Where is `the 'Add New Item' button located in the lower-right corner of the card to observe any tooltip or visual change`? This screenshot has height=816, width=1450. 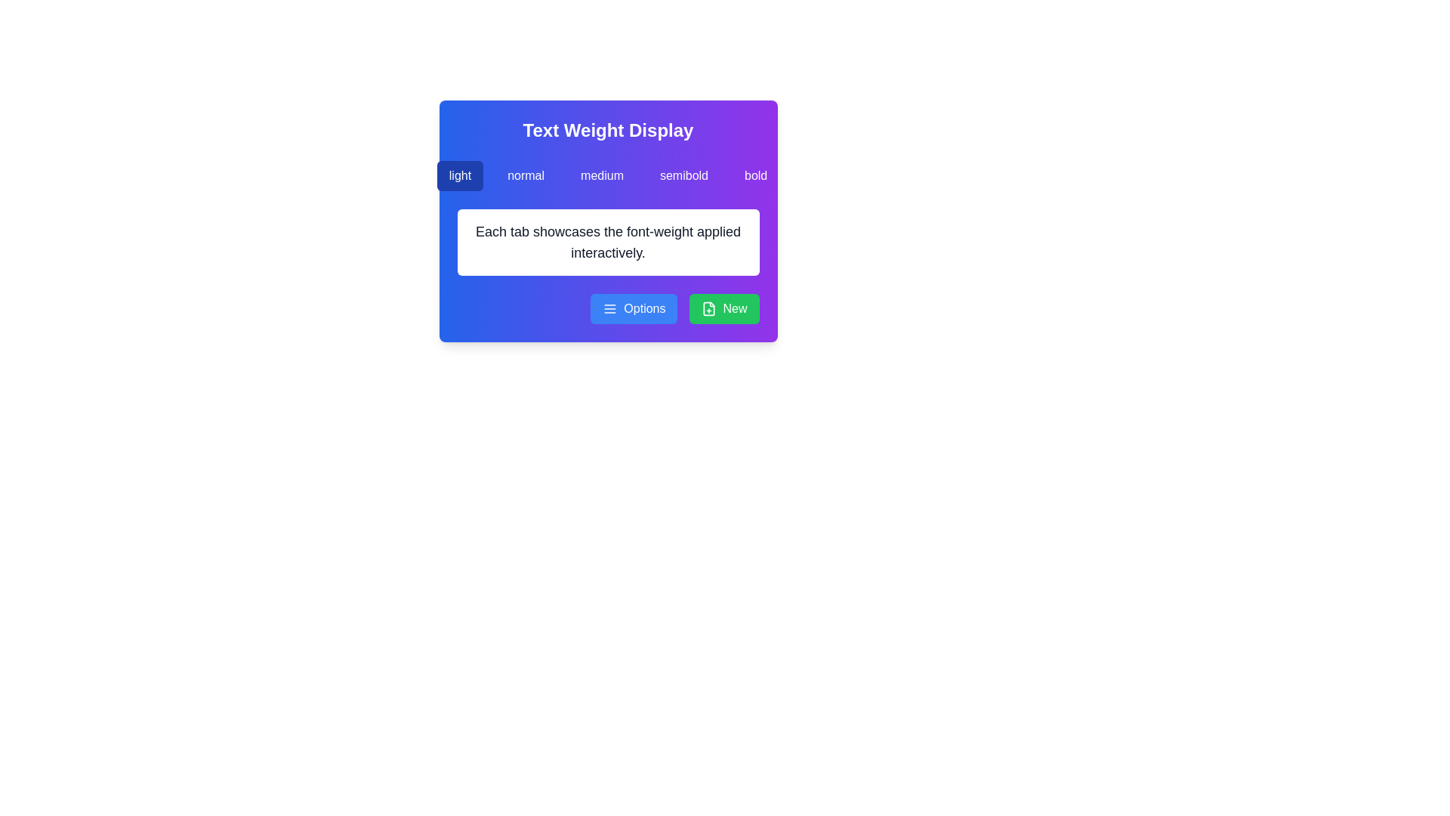 the 'Add New Item' button located in the lower-right corner of the card to observe any tooltip or visual change is located at coordinates (723, 308).